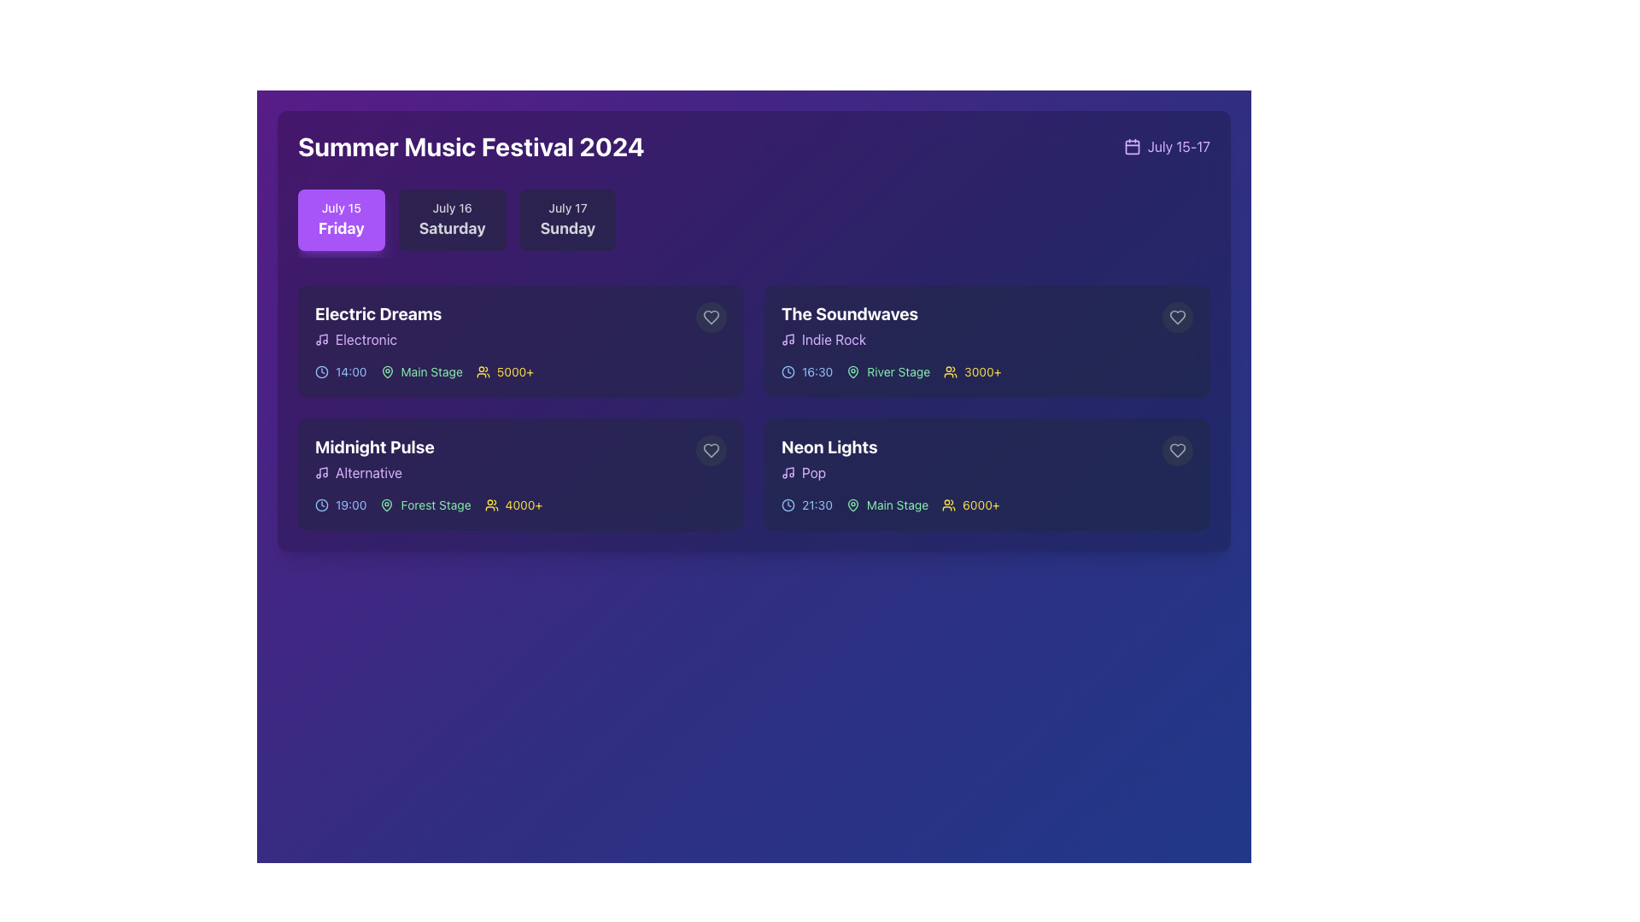  Describe the element at coordinates (519, 504) in the screenshot. I see `the Text and Icon Group displaying event details with a clock icon, map pin icon, and user icon located at the bottom of the second card in the second row under 'Midnight Pulse Alternative.'` at that location.